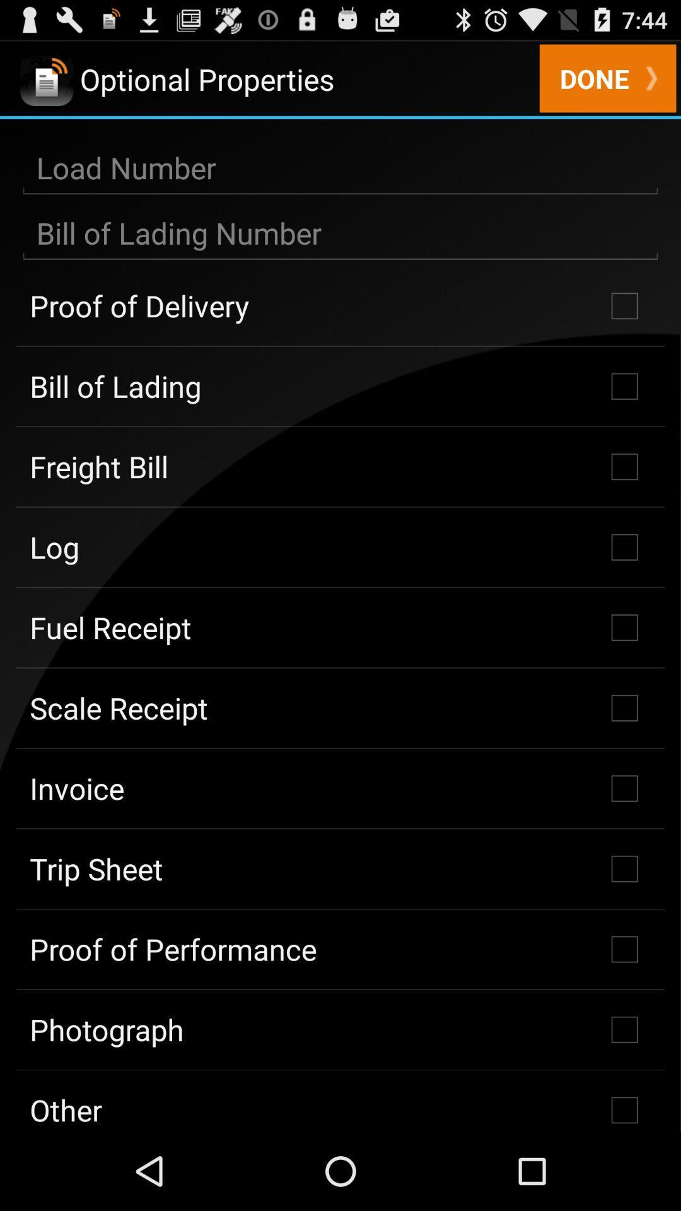 The height and width of the screenshot is (1211, 681). What do you see at coordinates (340, 466) in the screenshot?
I see `freight bill checkbox` at bounding box center [340, 466].